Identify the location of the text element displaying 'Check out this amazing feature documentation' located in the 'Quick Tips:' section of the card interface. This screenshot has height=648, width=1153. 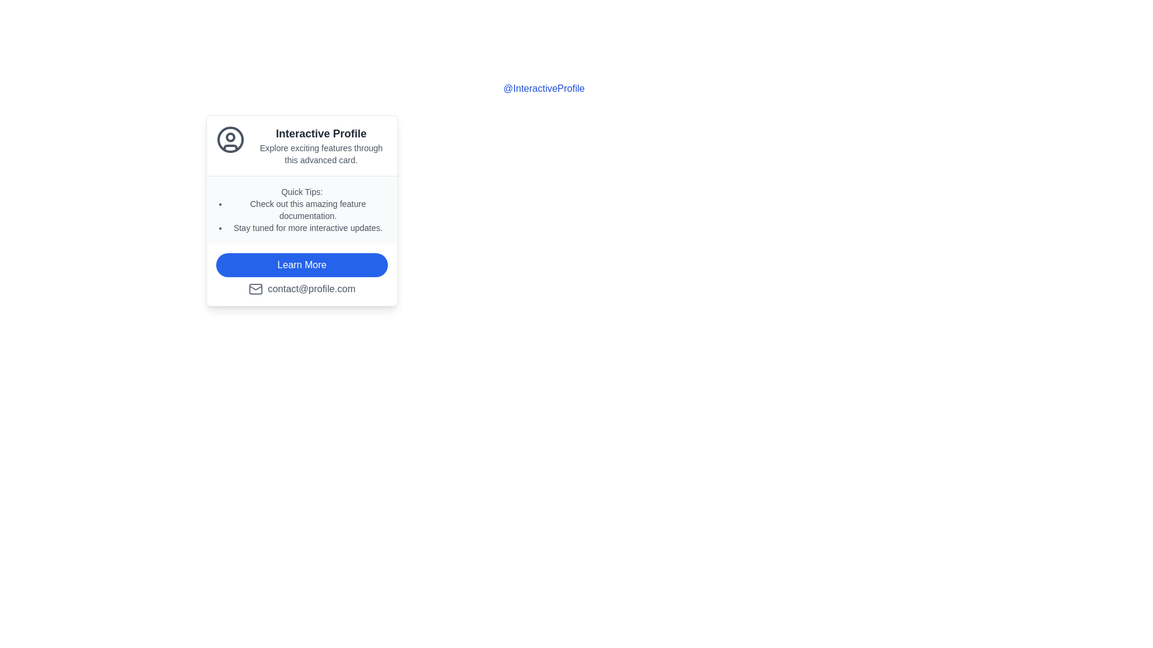
(308, 209).